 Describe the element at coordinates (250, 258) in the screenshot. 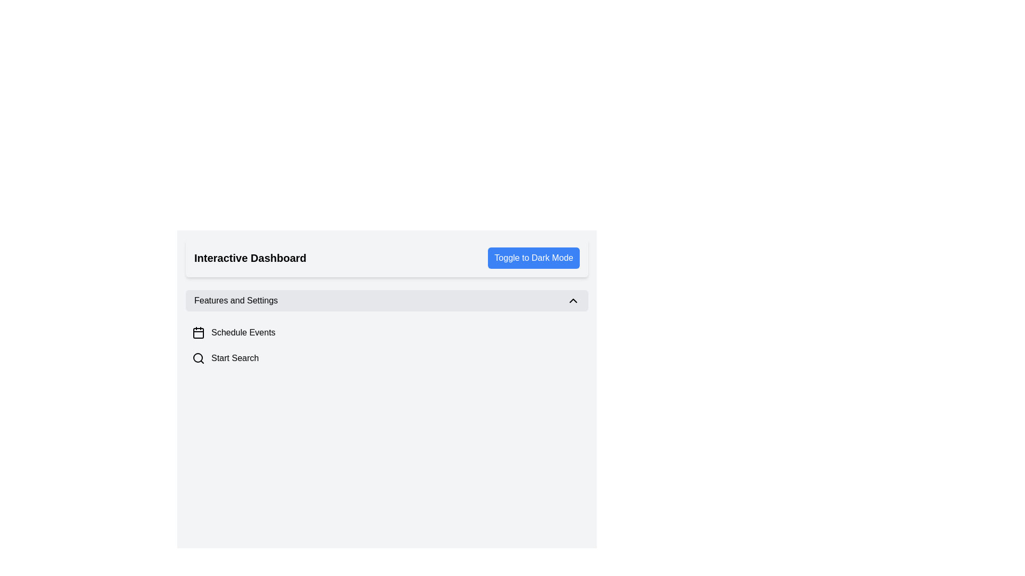

I see `the Text Label that serves as a header or title for the current dashboard interface, positioned to the left of the 'Toggle to Dark Mode' element` at that location.